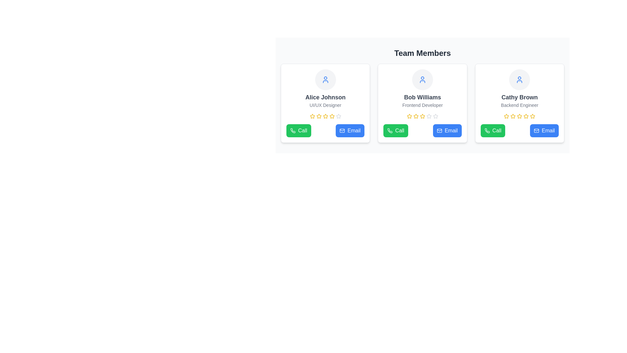 The width and height of the screenshot is (627, 353). I want to click on the 'Email' button located inside the third card in the list of team members by navigating to its position for keyboard interaction, so click(536, 131).